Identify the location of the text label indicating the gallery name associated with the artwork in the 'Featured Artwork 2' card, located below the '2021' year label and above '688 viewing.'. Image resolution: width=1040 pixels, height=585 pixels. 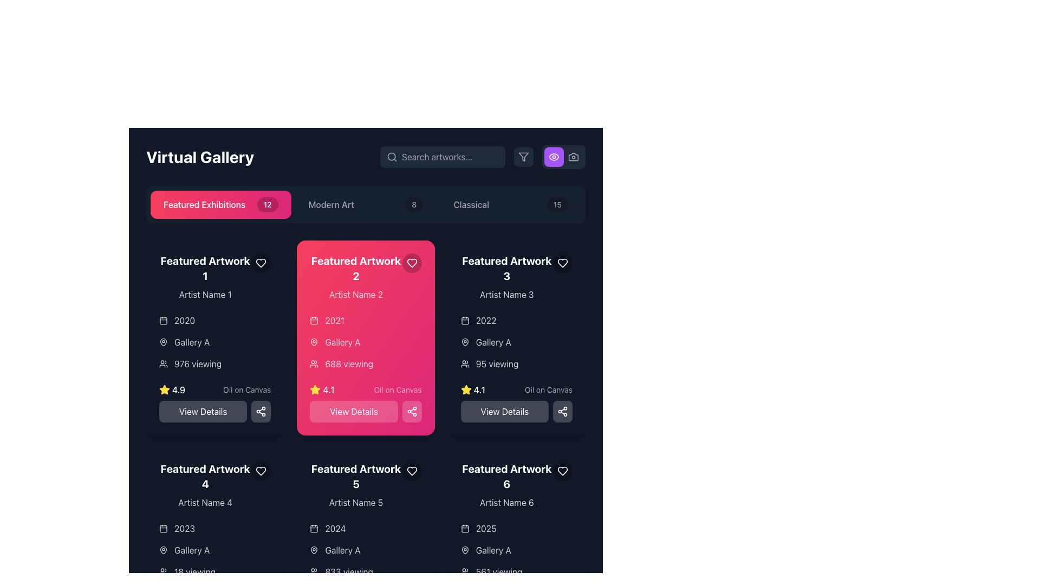
(342, 342).